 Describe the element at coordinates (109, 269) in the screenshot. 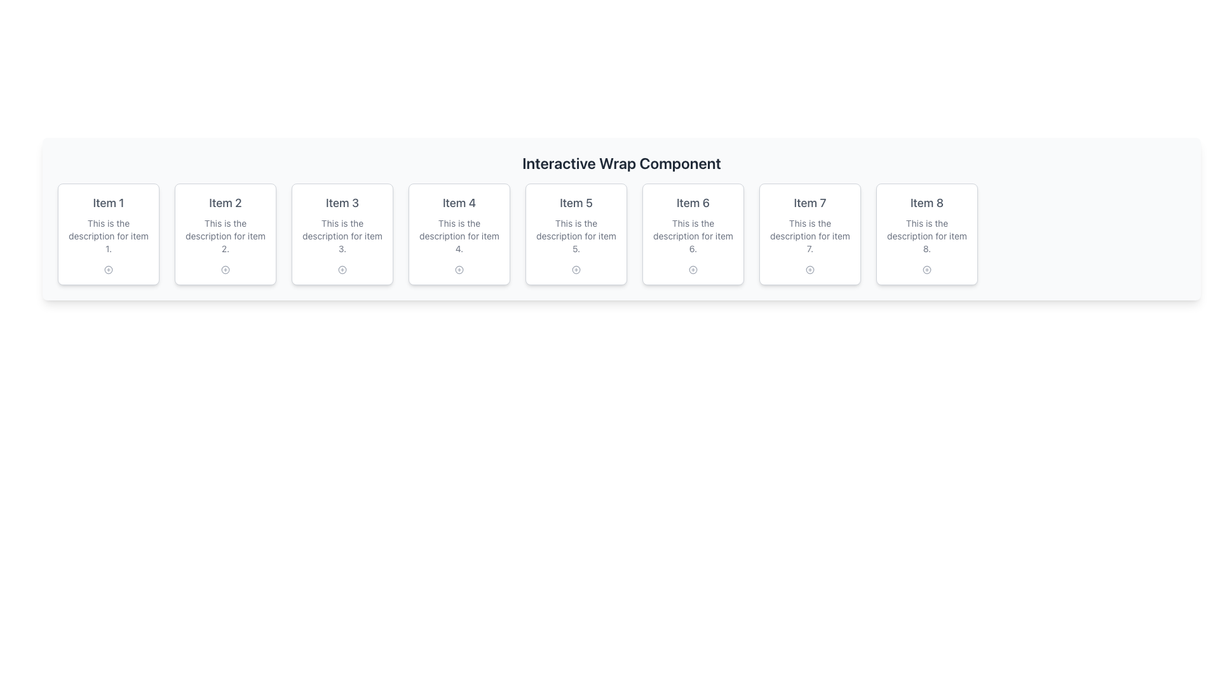

I see `the circular icon with a plus symbol inside, located at the center of the 'Item 1' card` at that location.